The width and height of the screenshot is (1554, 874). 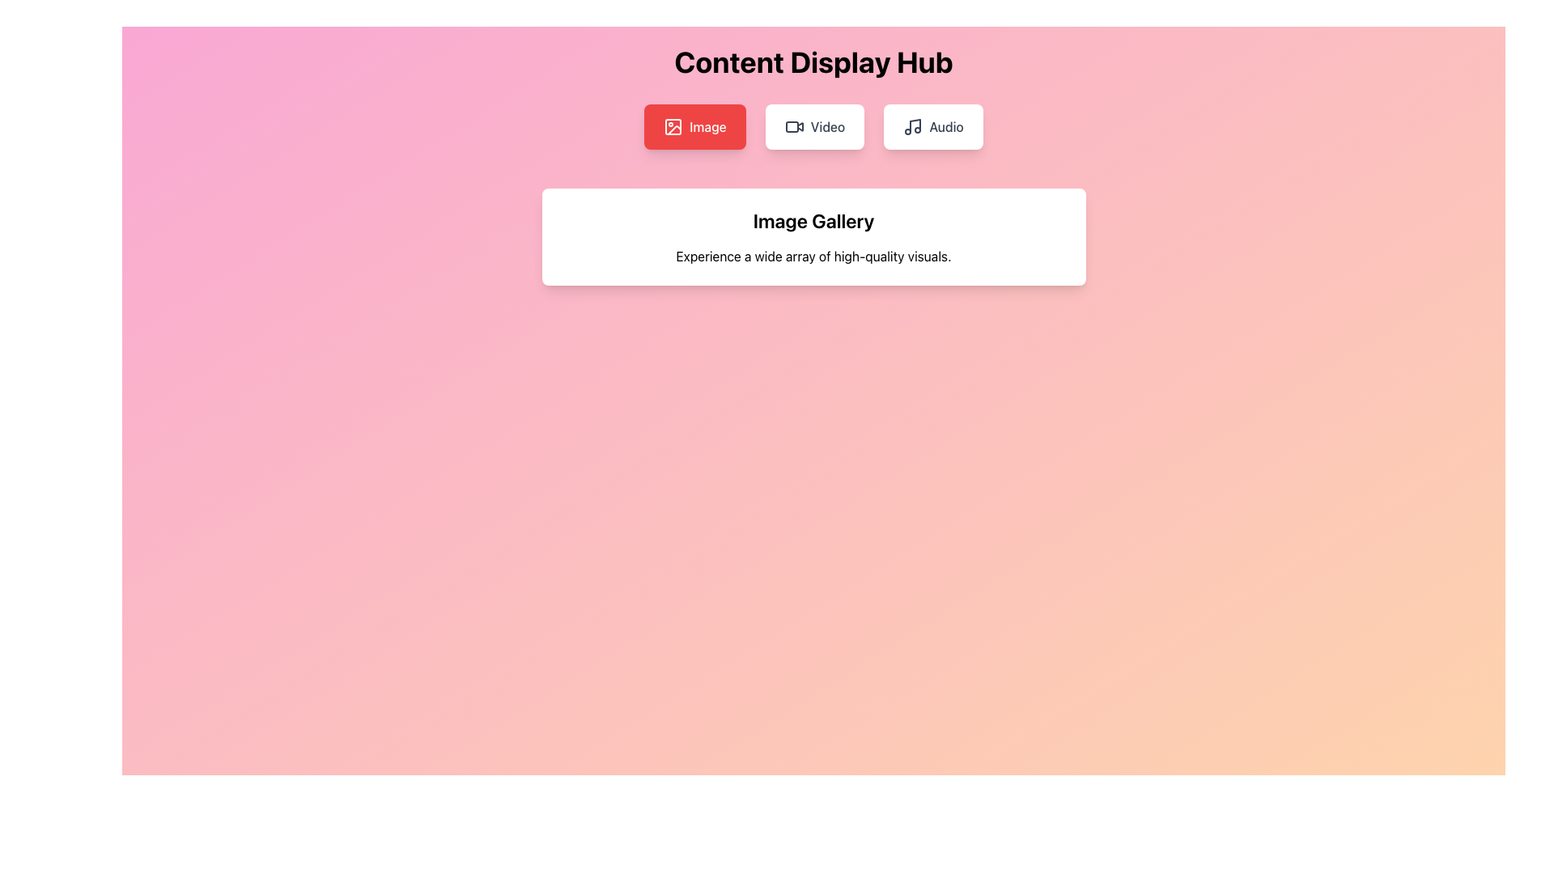 What do you see at coordinates (813, 237) in the screenshot?
I see `the 'Image Gallery' text element, which is prominently displayed in a white rectangular box with rounded corners, to interact if linked` at bounding box center [813, 237].